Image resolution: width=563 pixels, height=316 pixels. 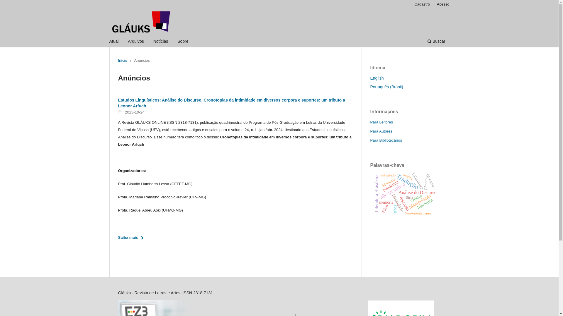 What do you see at coordinates (132, 238) in the screenshot?
I see `'Saiba mais'` at bounding box center [132, 238].